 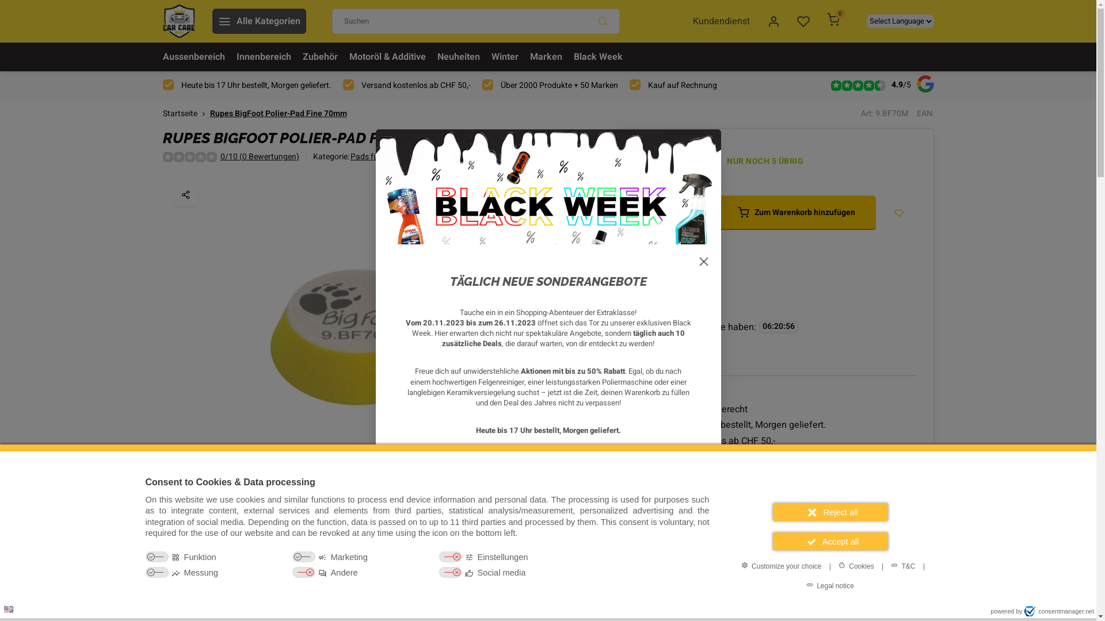 I want to click on 'Customize your choice', so click(x=781, y=565).